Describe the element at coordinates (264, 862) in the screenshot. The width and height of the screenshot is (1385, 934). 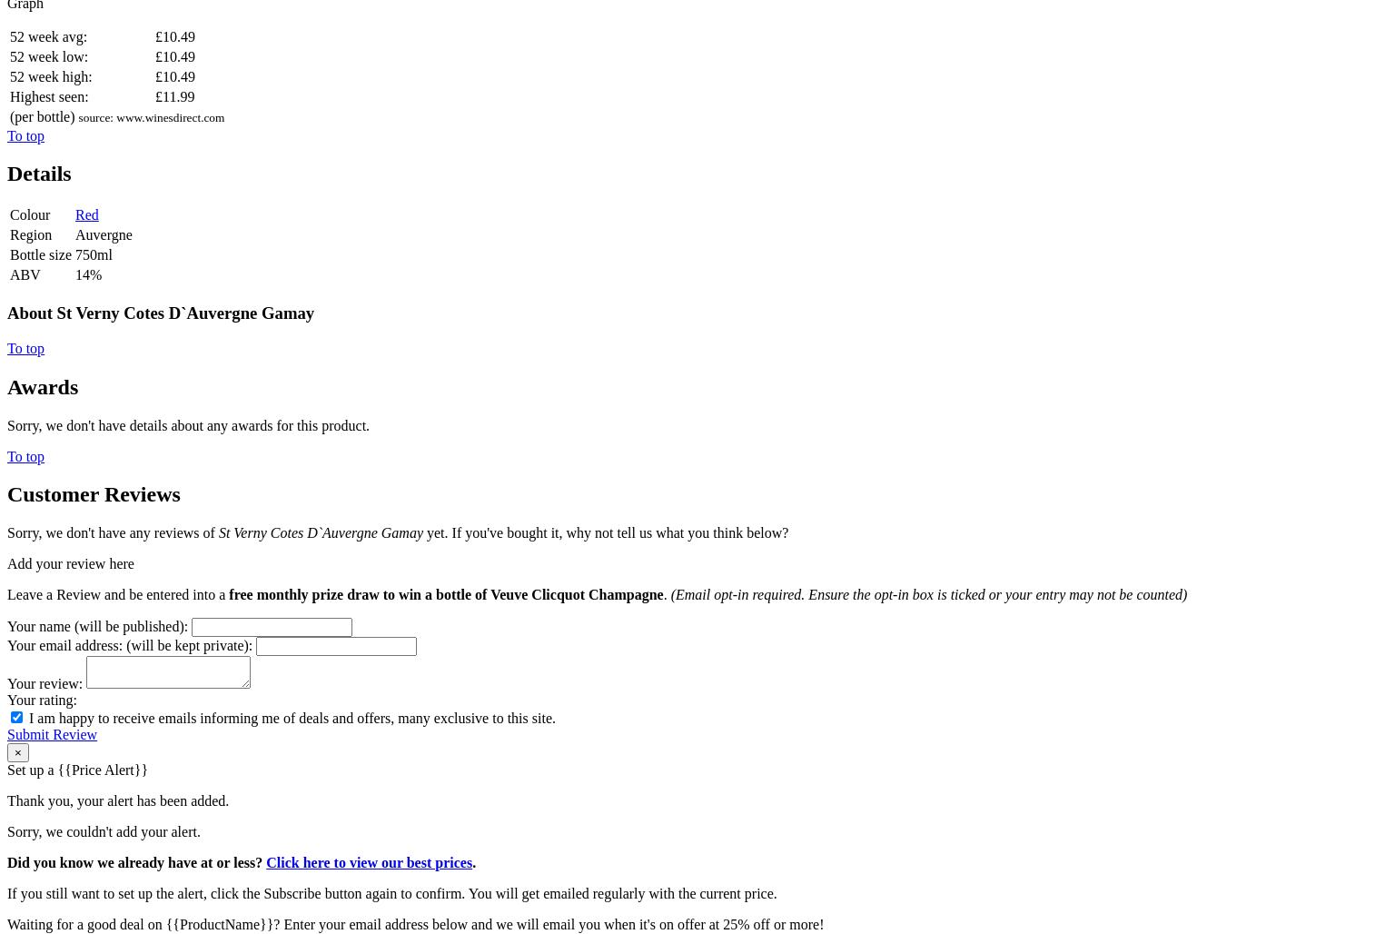
I see `'Click here to view our best prices'` at that location.